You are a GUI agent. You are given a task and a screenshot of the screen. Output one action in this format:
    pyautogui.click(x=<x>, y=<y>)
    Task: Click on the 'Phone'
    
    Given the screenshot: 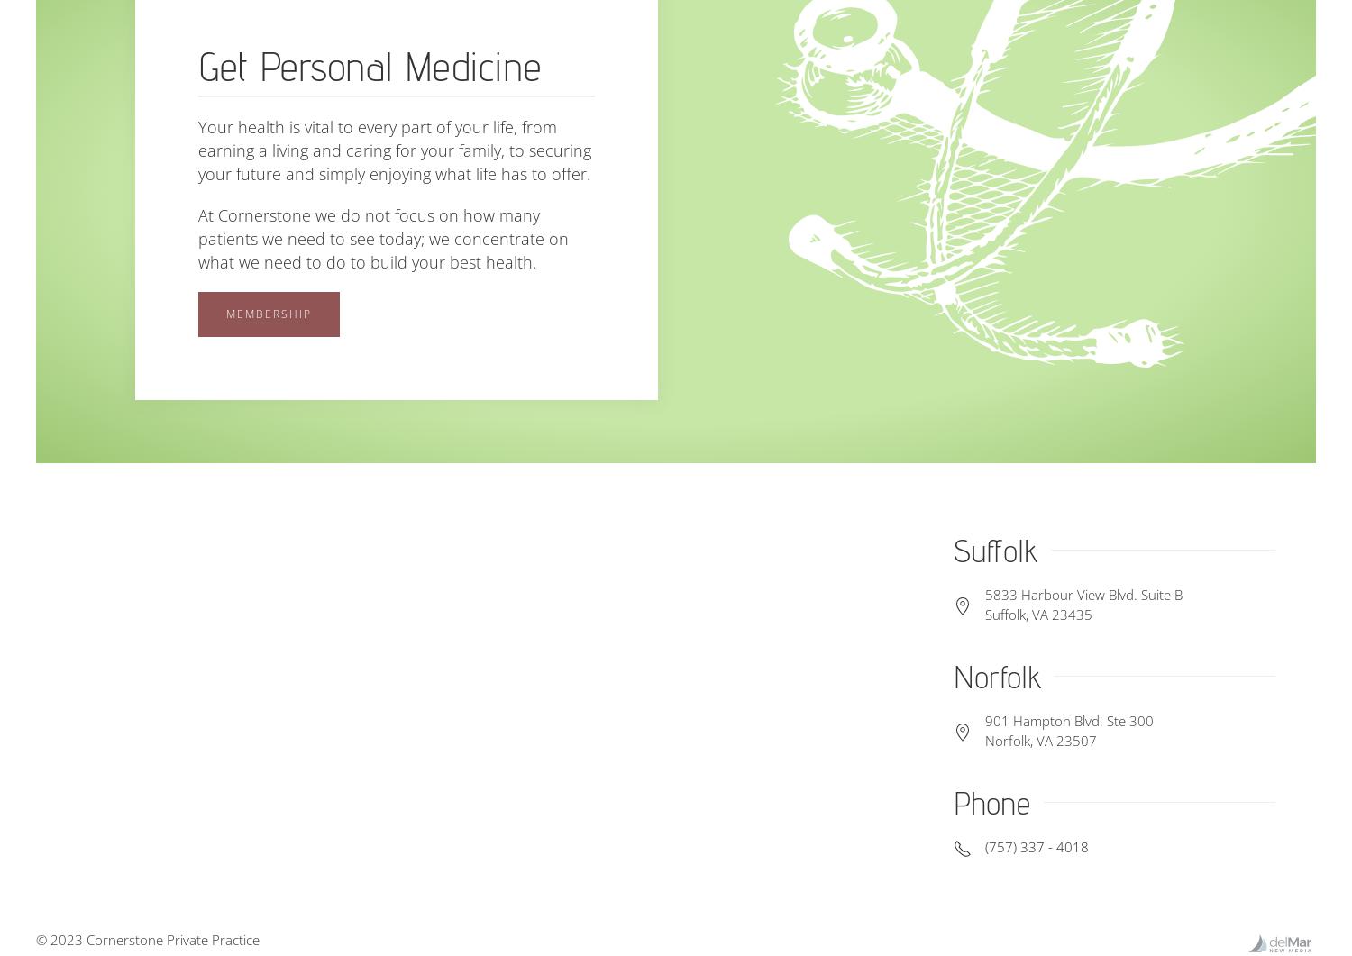 What is the action you would take?
    pyautogui.click(x=990, y=800)
    